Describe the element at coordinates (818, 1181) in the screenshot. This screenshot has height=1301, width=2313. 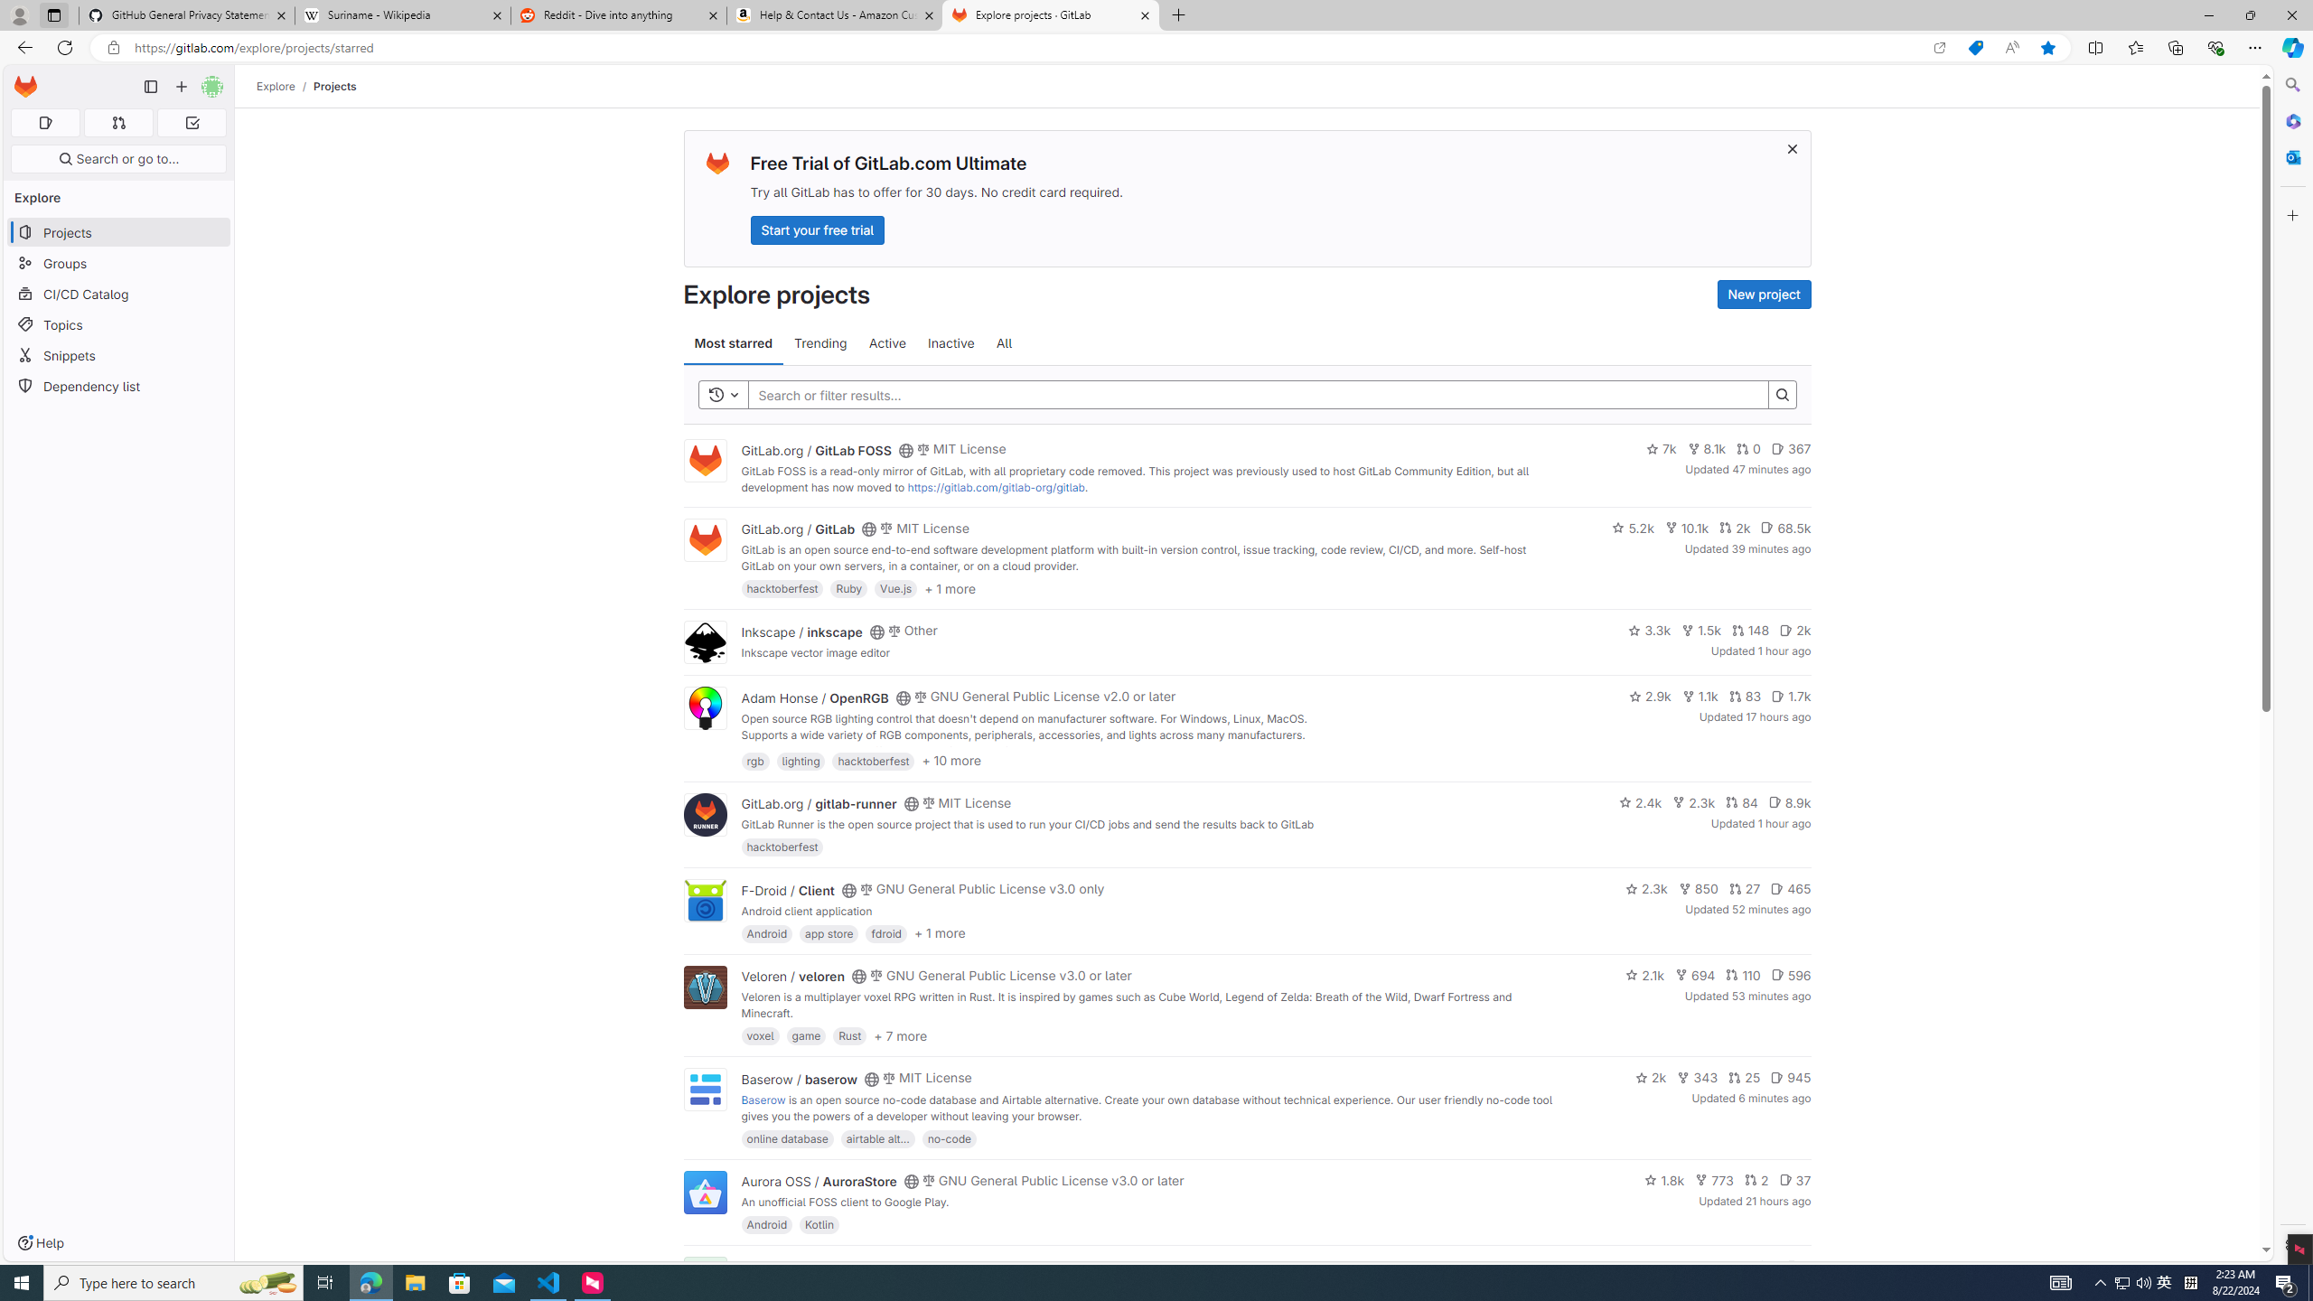
I see `'Aurora OSS / AuroraStore'` at that location.